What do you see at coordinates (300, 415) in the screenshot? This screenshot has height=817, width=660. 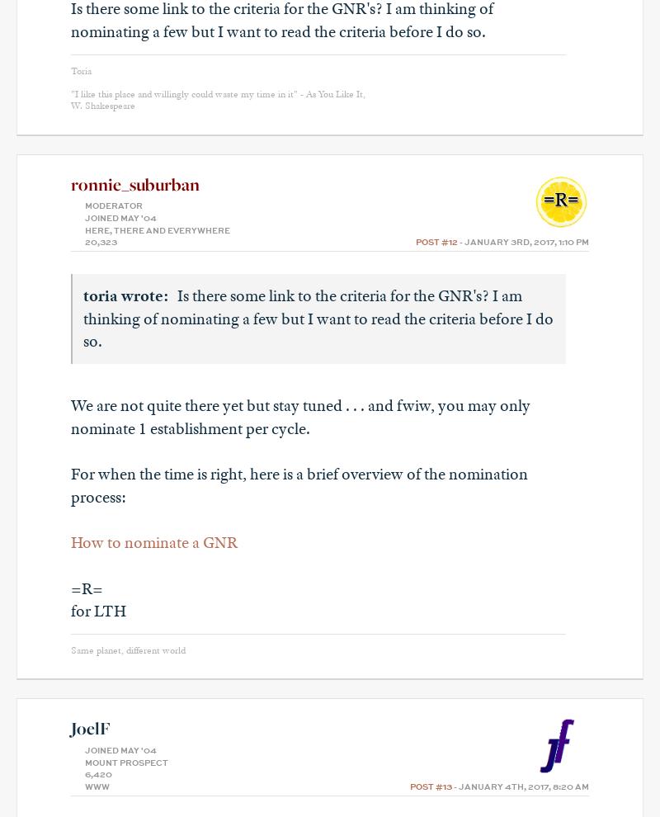 I see `'We are not quite there yet but stay tuned . . . and fwiw, you may only nominate 1 establishment per cycle.'` at bounding box center [300, 415].